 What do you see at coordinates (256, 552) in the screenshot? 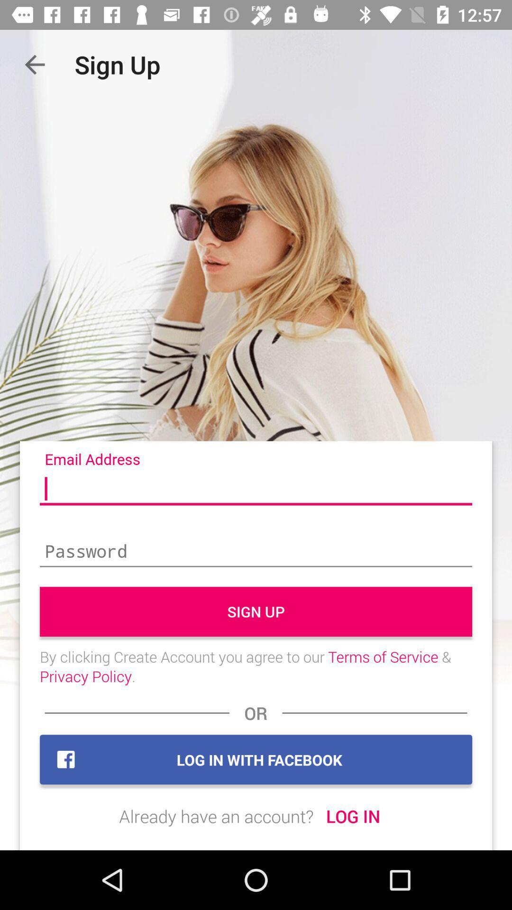
I see `password field` at bounding box center [256, 552].